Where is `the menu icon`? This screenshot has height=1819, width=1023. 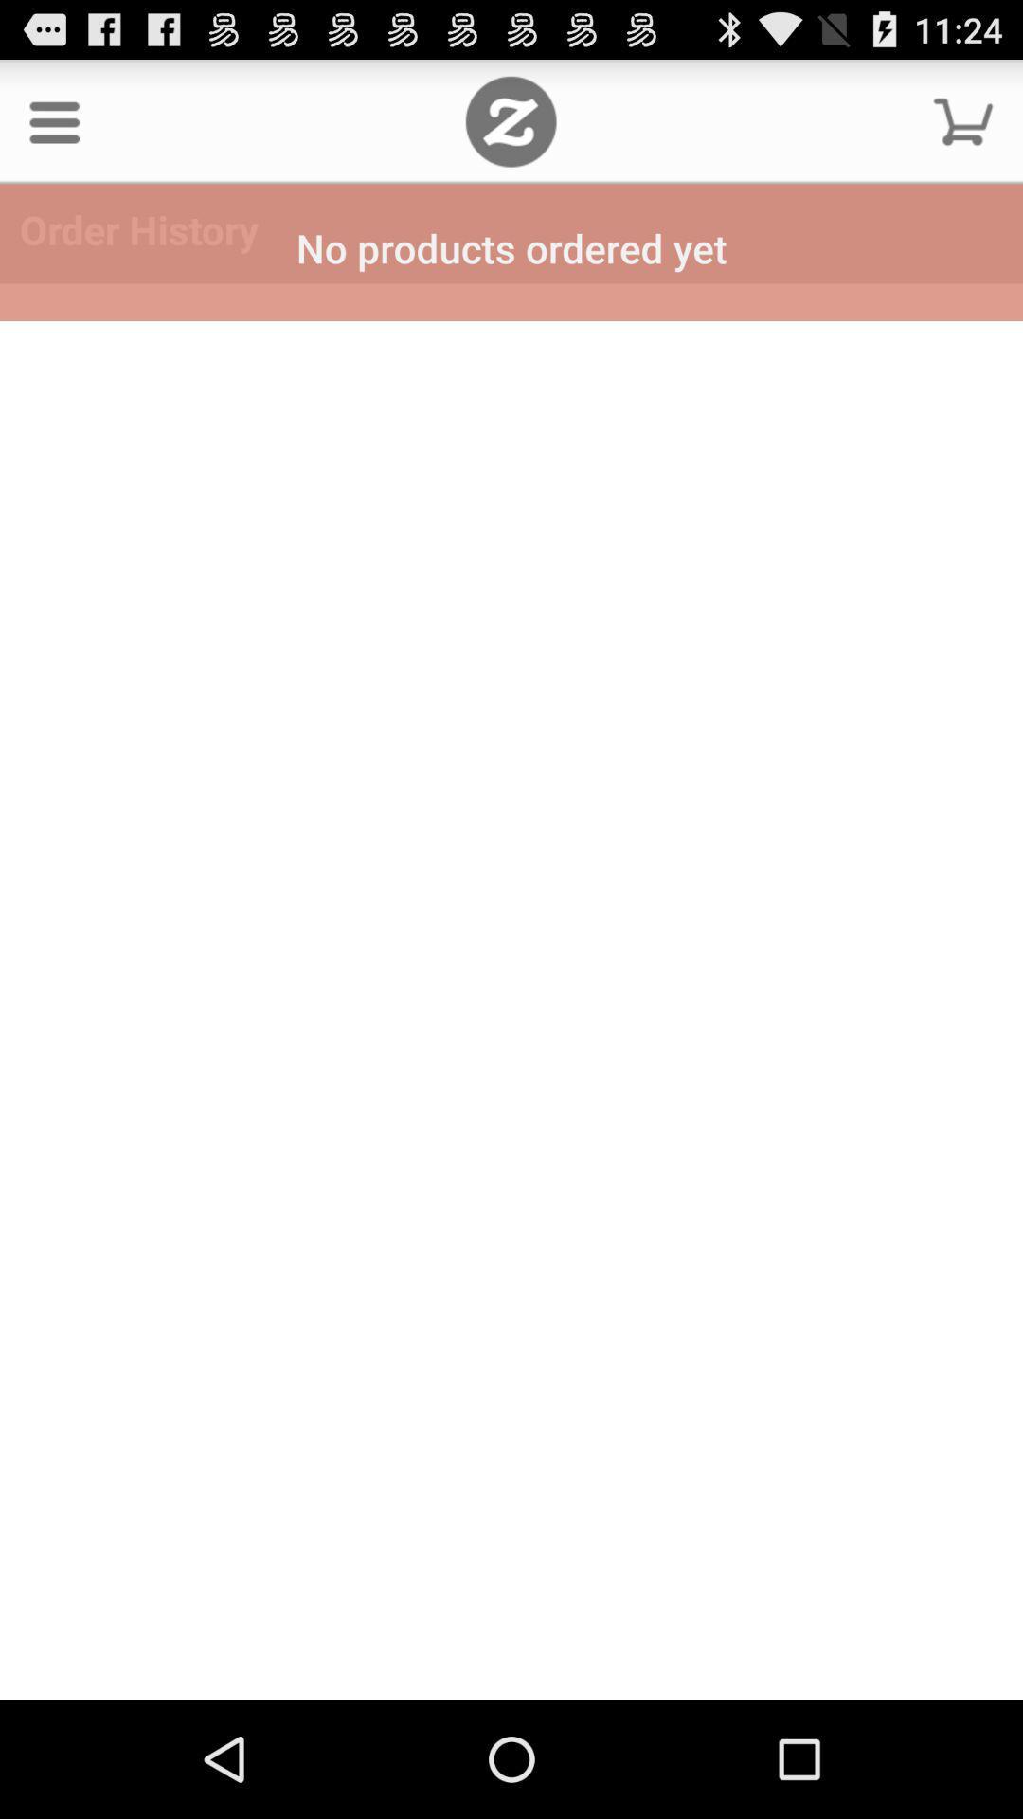
the menu icon is located at coordinates (53, 129).